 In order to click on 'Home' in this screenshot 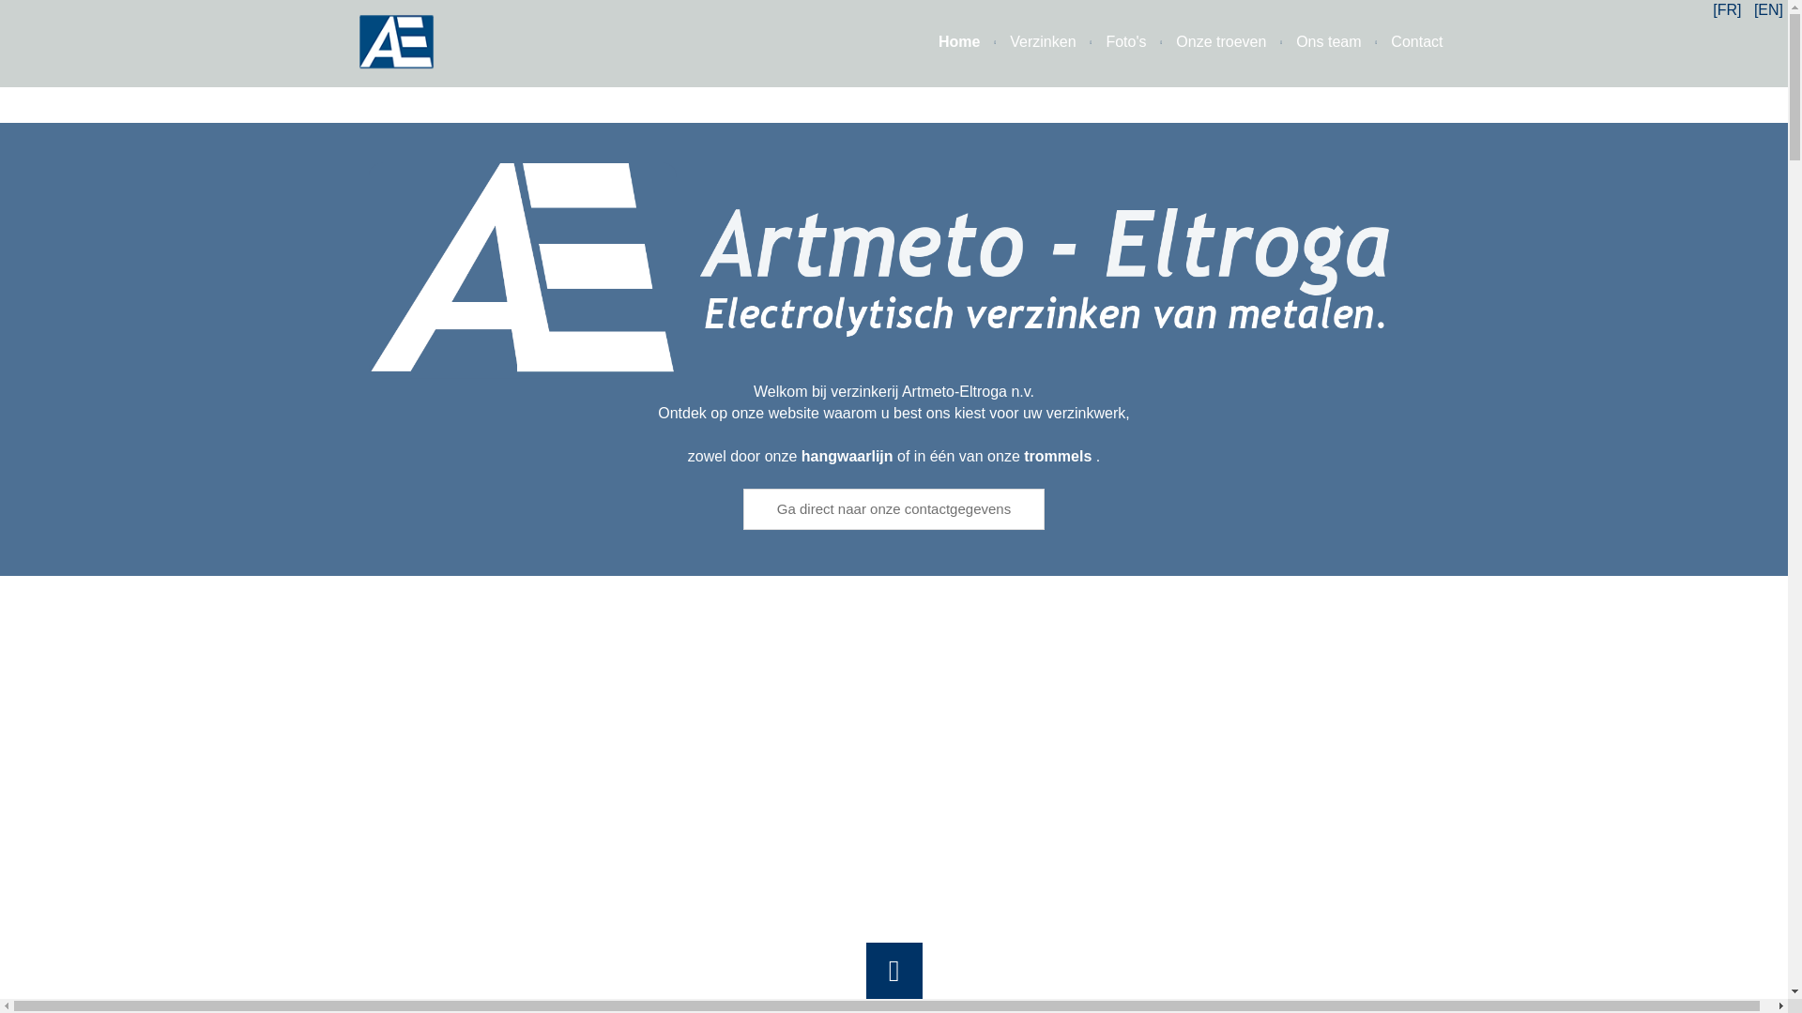, I will do `click(945, 42)`.